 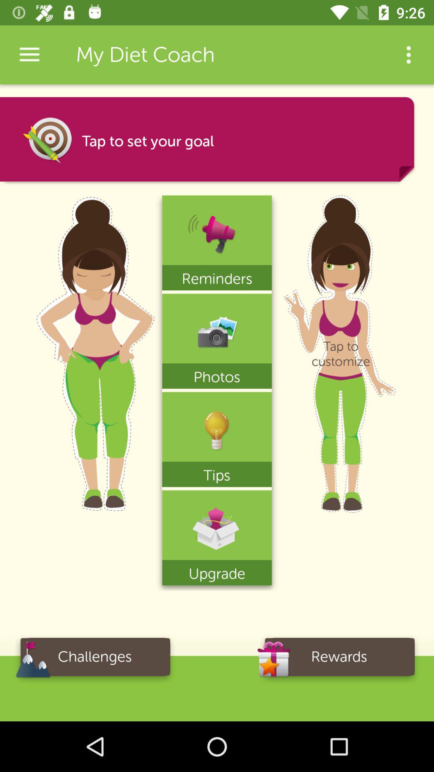 I want to click on the rewards icon, so click(x=339, y=659).